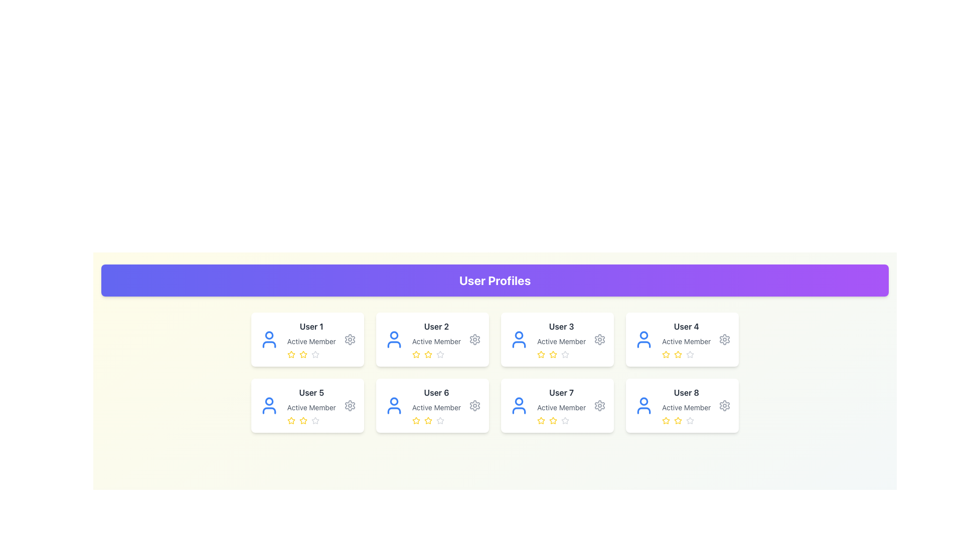 The image size is (963, 541). I want to click on the third user profile card in the grid that displays user information including username, status, and rating, so click(561, 339).